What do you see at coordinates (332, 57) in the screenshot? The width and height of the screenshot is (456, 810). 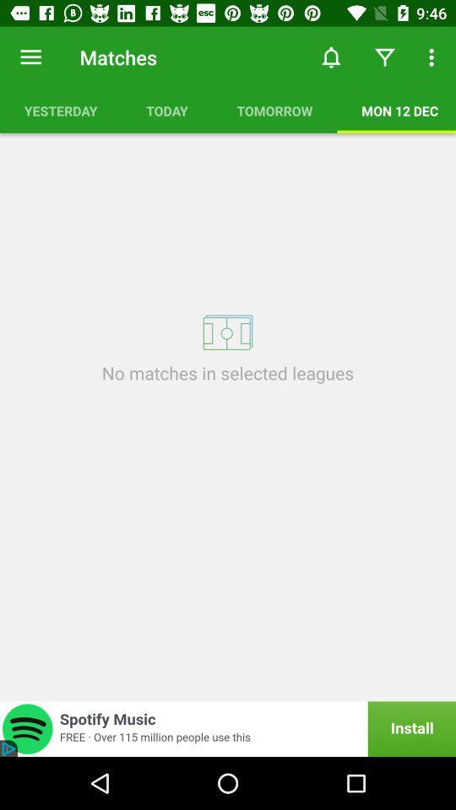 I see `icon to the right of the today icon` at bounding box center [332, 57].